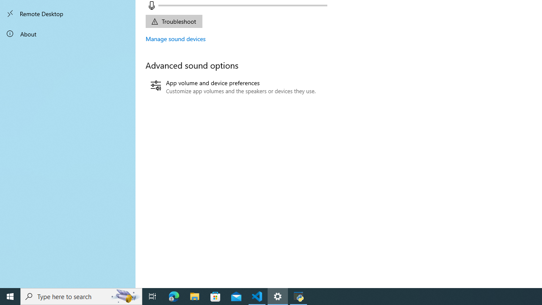 The height and width of the screenshot is (305, 542). What do you see at coordinates (175, 39) in the screenshot?
I see `'Manage sound devices'` at bounding box center [175, 39].